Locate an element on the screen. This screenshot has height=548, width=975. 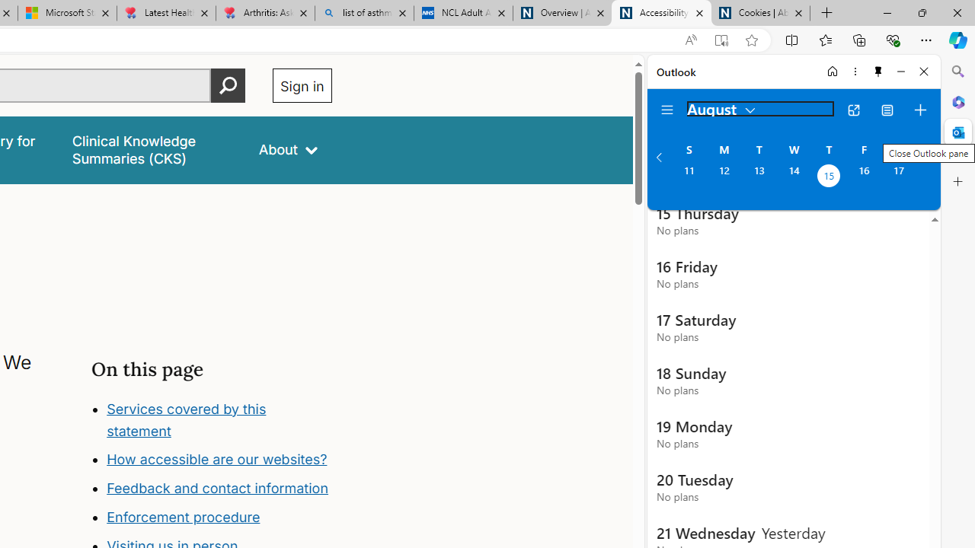
'false' is located at coordinates (152, 150).